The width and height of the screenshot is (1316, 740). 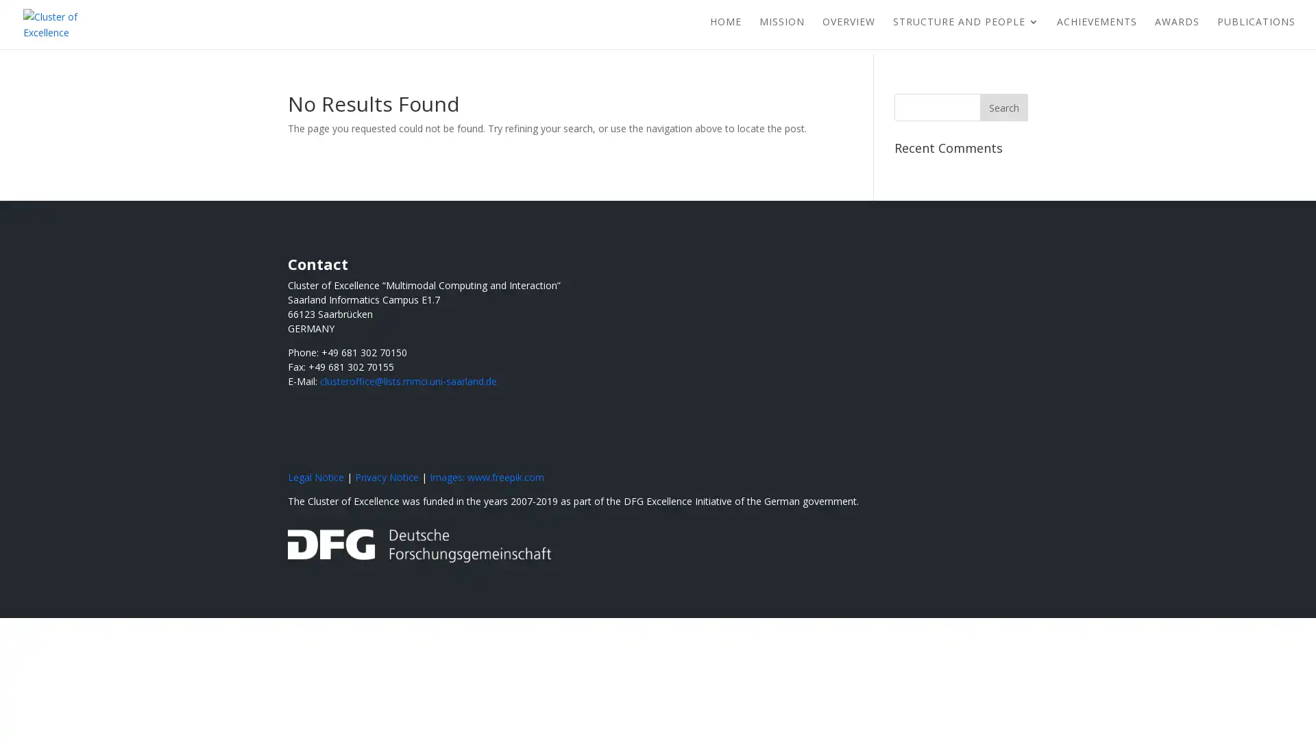 What do you see at coordinates (1003, 103) in the screenshot?
I see `Search` at bounding box center [1003, 103].